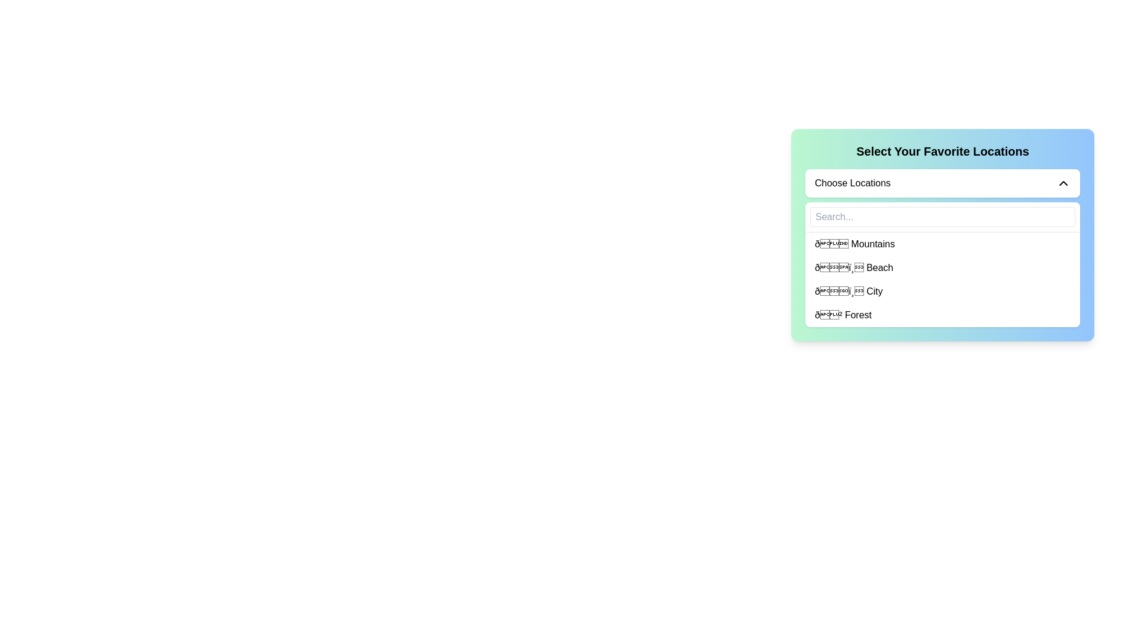  What do you see at coordinates (942, 183) in the screenshot?
I see `the 'Choose Locations' dropdown toggle button` at bounding box center [942, 183].